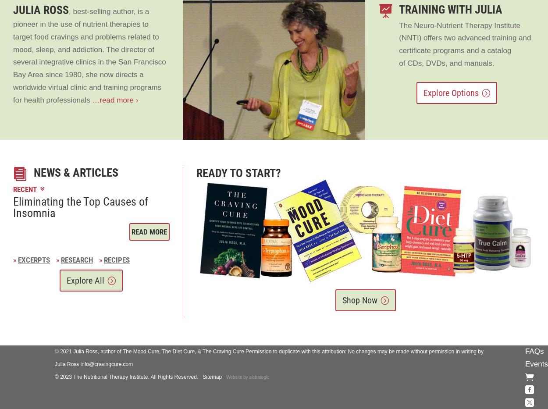  Describe the element at coordinates (33, 260) in the screenshot. I see `'Excerpts'` at that location.